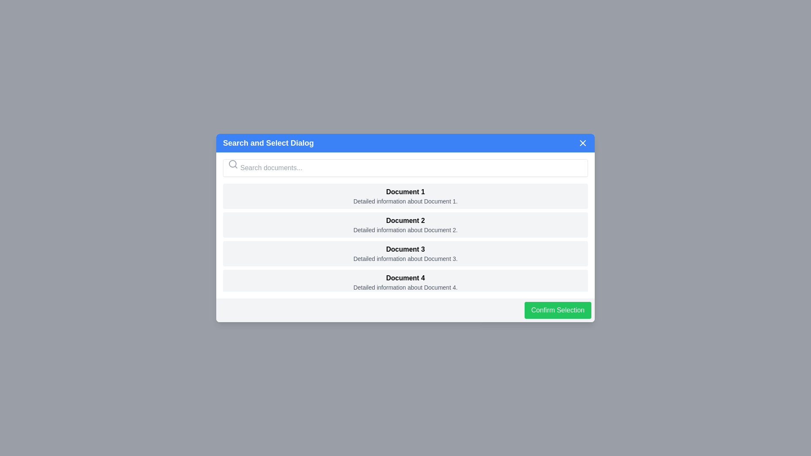 The width and height of the screenshot is (811, 456). What do you see at coordinates (405, 282) in the screenshot?
I see `the document with title Document 4` at bounding box center [405, 282].